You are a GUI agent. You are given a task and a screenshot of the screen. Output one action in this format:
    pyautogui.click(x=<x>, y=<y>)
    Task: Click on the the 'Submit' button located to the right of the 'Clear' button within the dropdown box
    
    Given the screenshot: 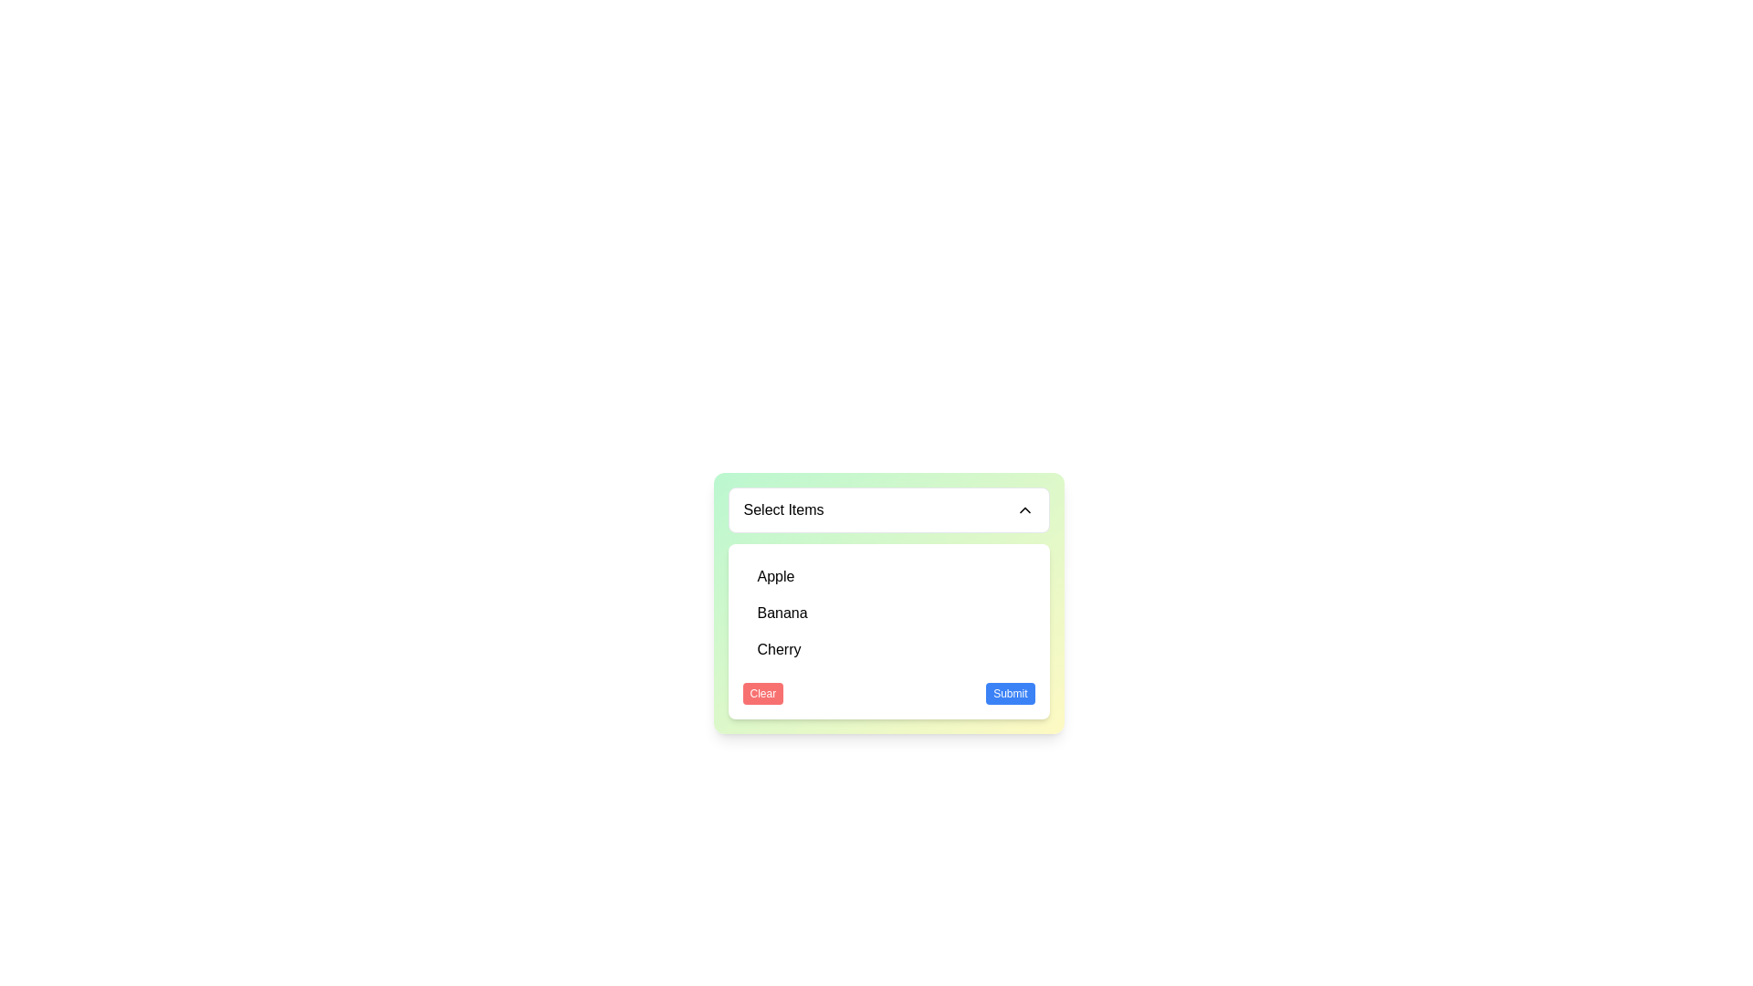 What is the action you would take?
    pyautogui.click(x=1009, y=693)
    